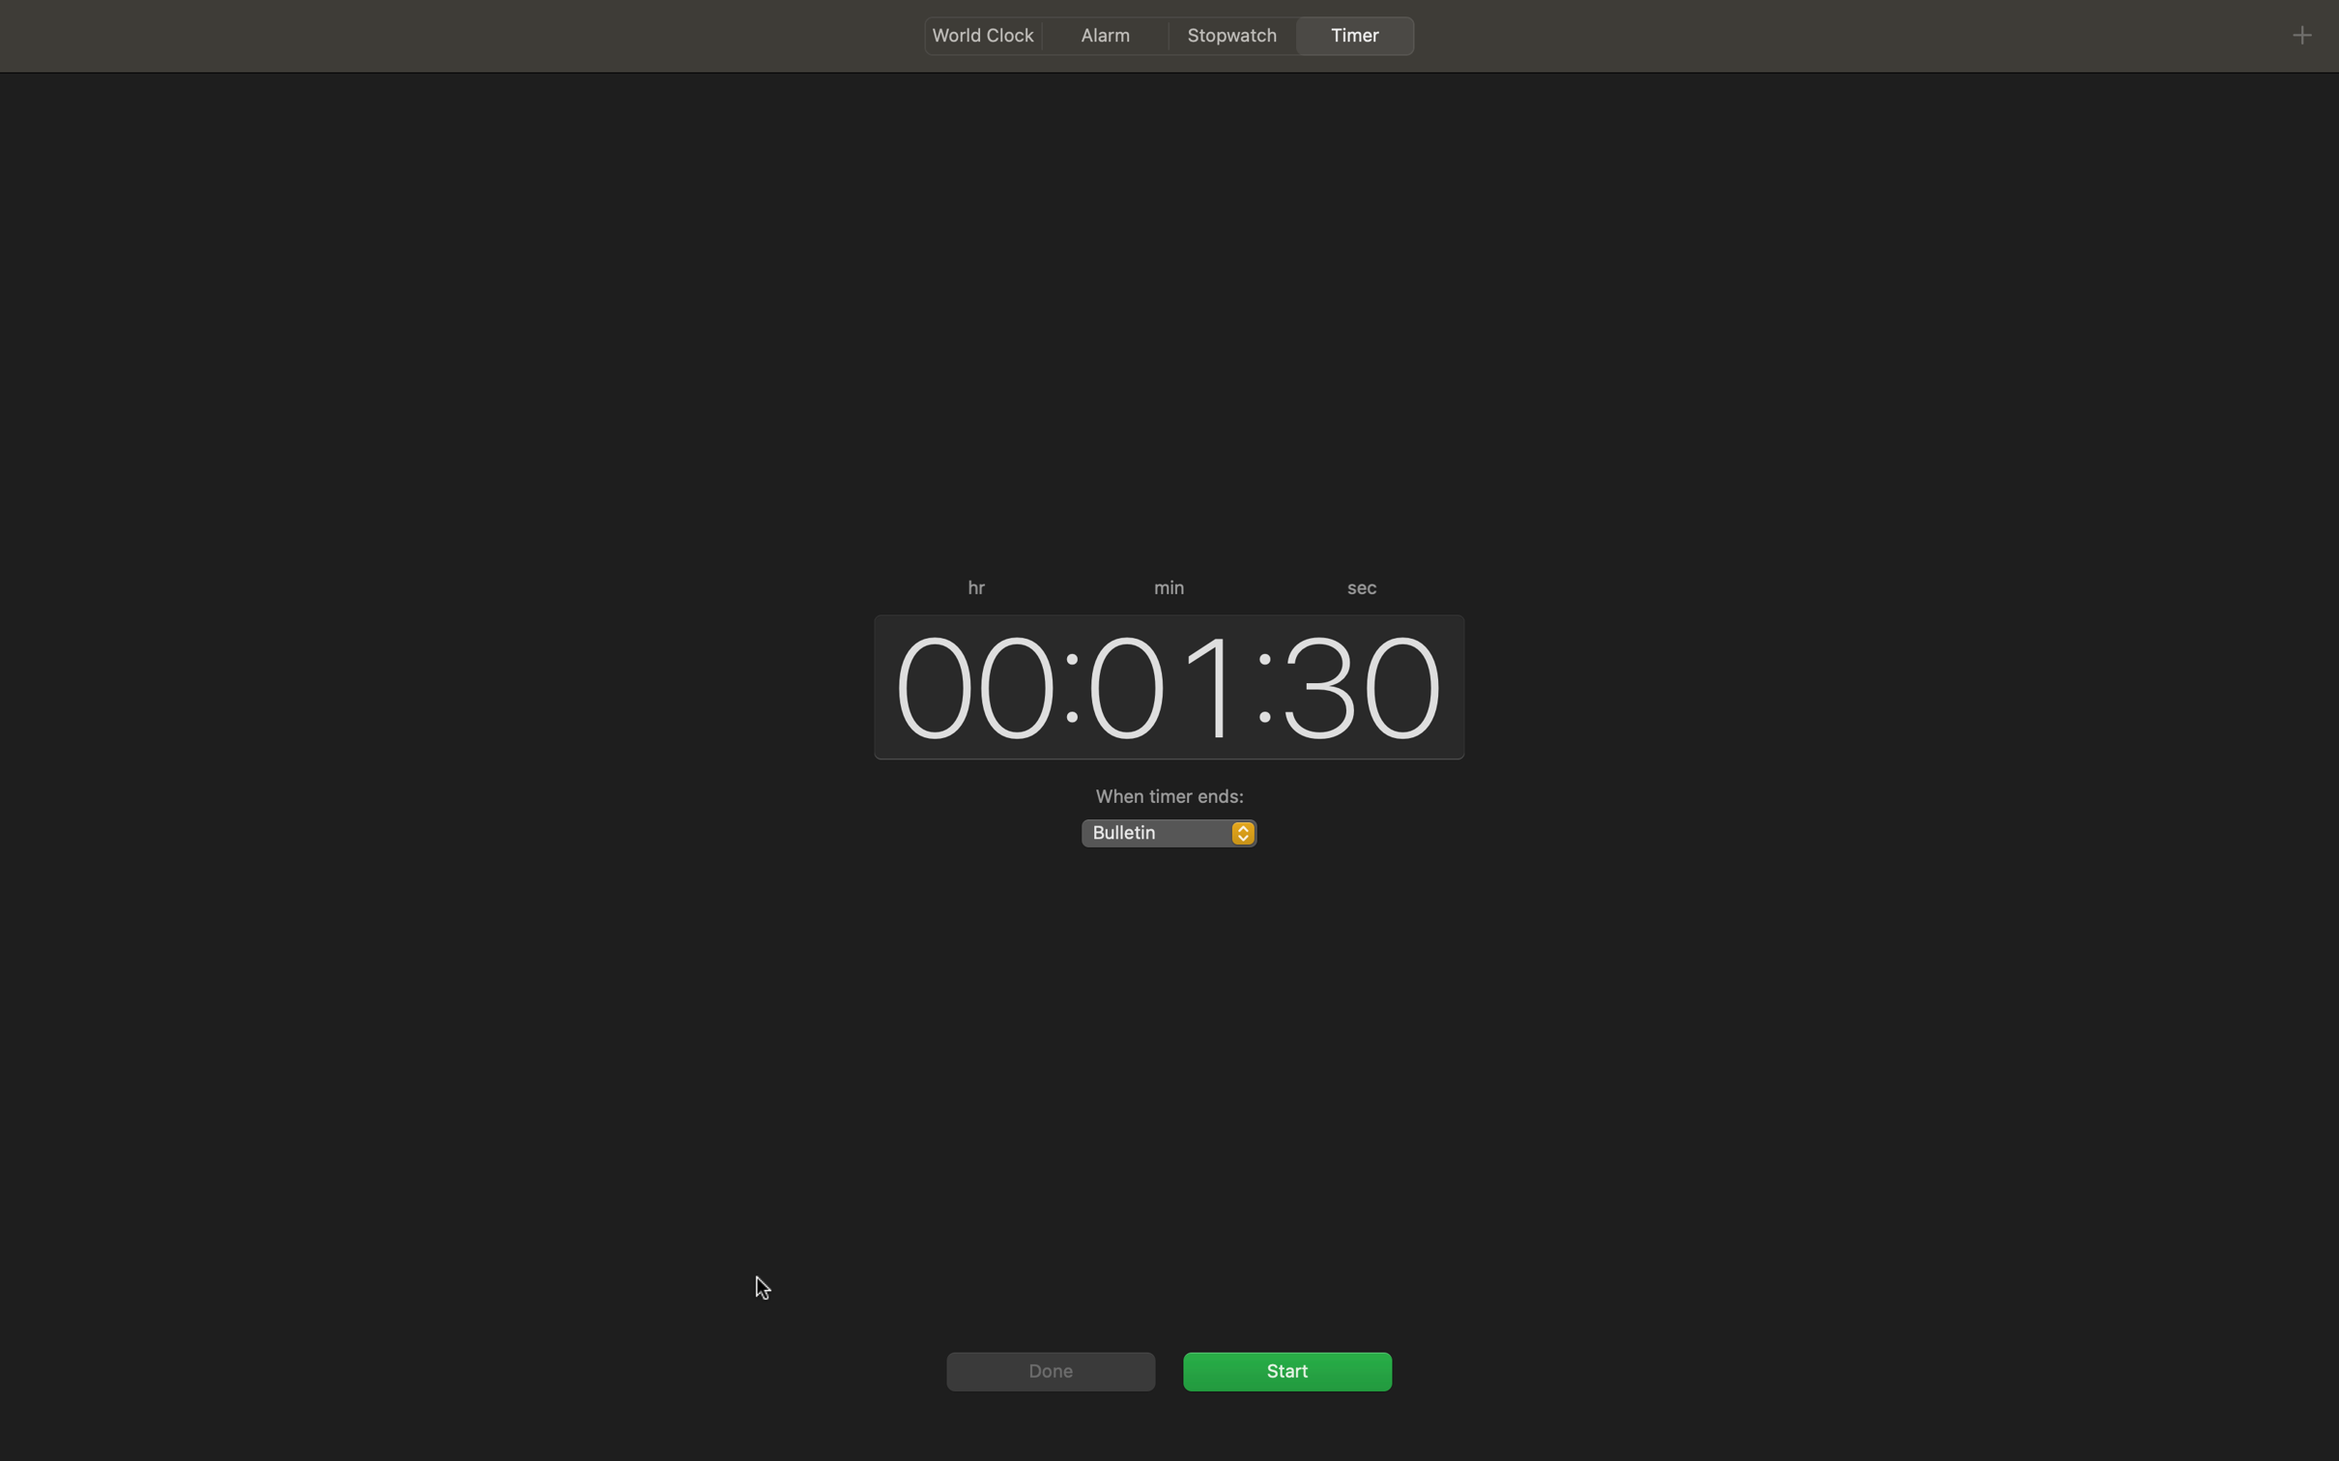 This screenshot has height=1461, width=2339. What do you see at coordinates (1161, 684) in the screenshot?
I see `the total minutes by a count of 5` at bounding box center [1161, 684].